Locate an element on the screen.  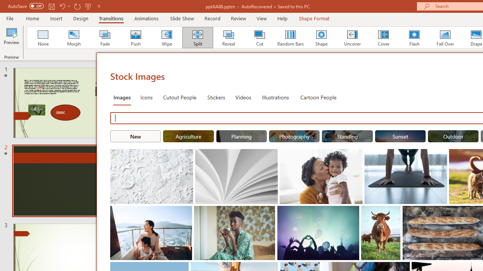
'Stickers' is located at coordinates (216, 97).